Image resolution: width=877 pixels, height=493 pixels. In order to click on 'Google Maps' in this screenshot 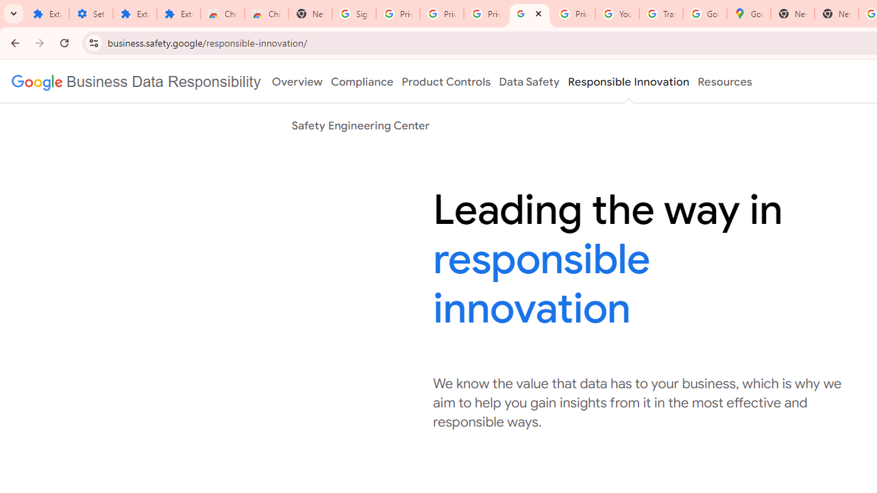, I will do `click(748, 14)`.